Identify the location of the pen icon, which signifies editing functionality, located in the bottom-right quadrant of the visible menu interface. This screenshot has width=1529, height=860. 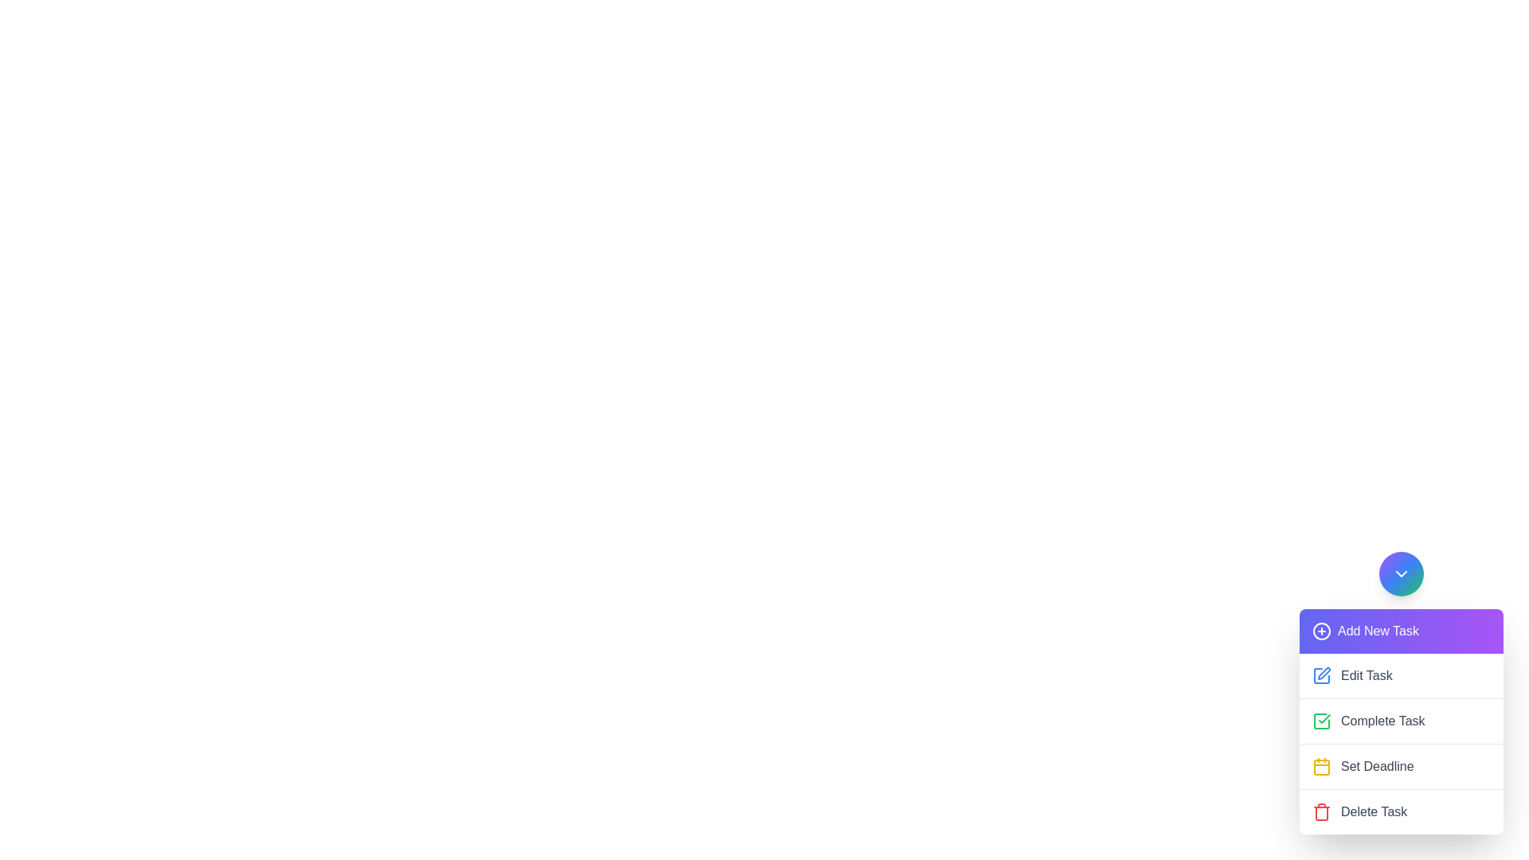
(1324, 673).